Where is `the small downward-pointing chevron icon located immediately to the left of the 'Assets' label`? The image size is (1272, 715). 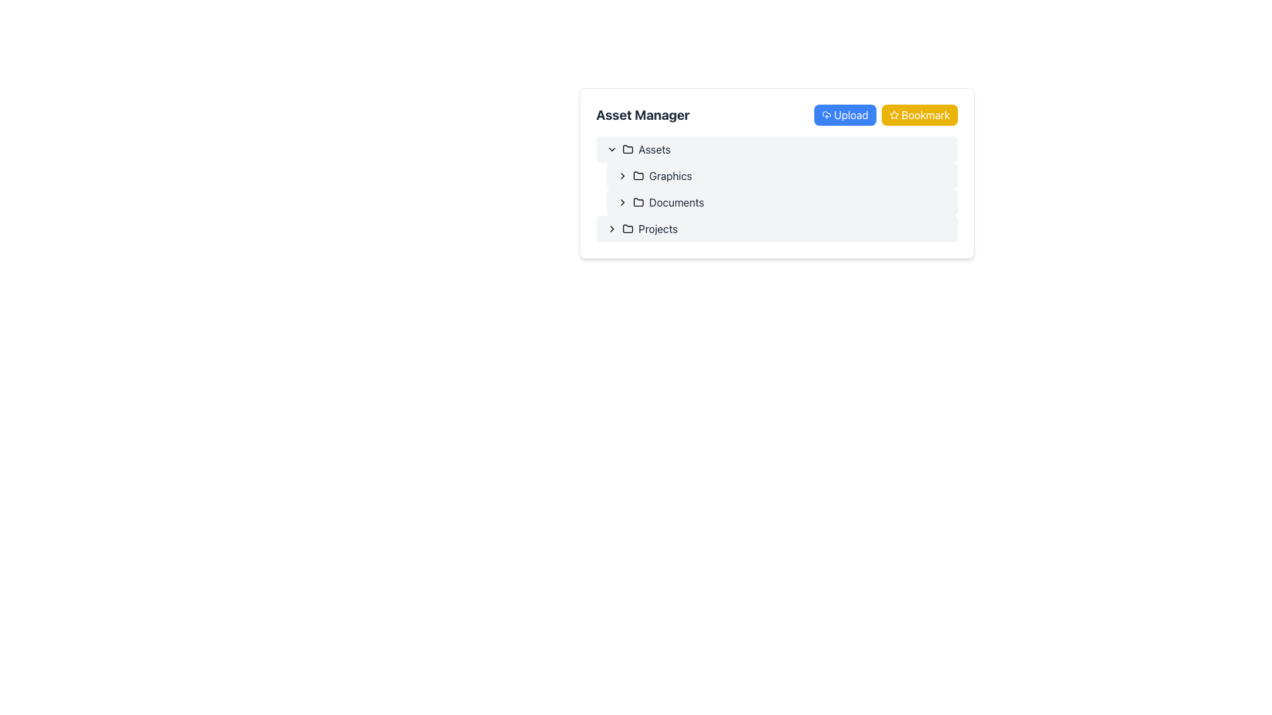
the small downward-pointing chevron icon located immediately to the left of the 'Assets' label is located at coordinates (611, 149).